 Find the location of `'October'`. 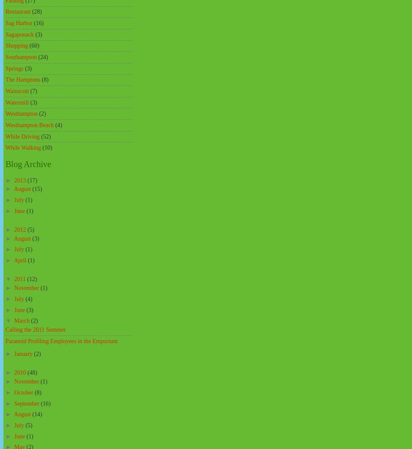

'October' is located at coordinates (24, 392).